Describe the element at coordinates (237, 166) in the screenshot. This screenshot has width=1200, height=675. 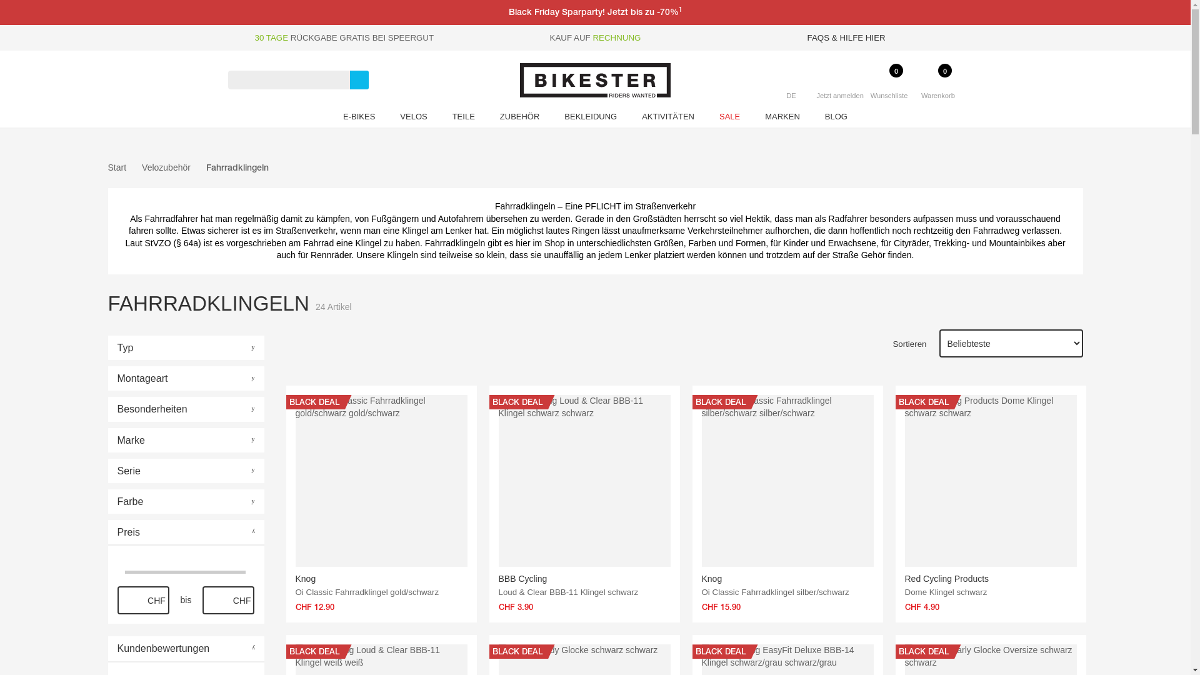
I see `'Fahrradklingeln'` at that location.